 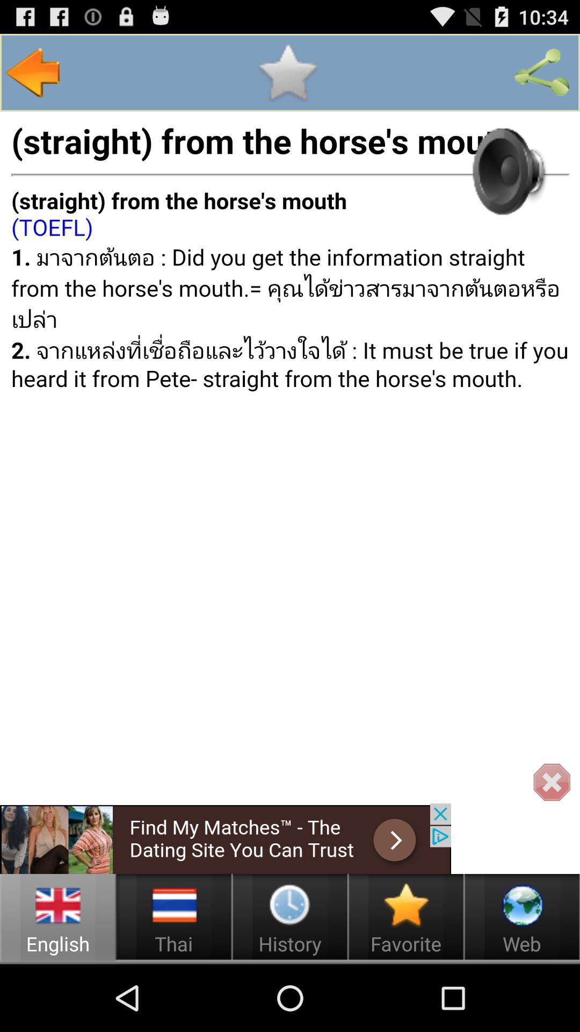 I want to click on switch on the bookmark, so click(x=287, y=72).